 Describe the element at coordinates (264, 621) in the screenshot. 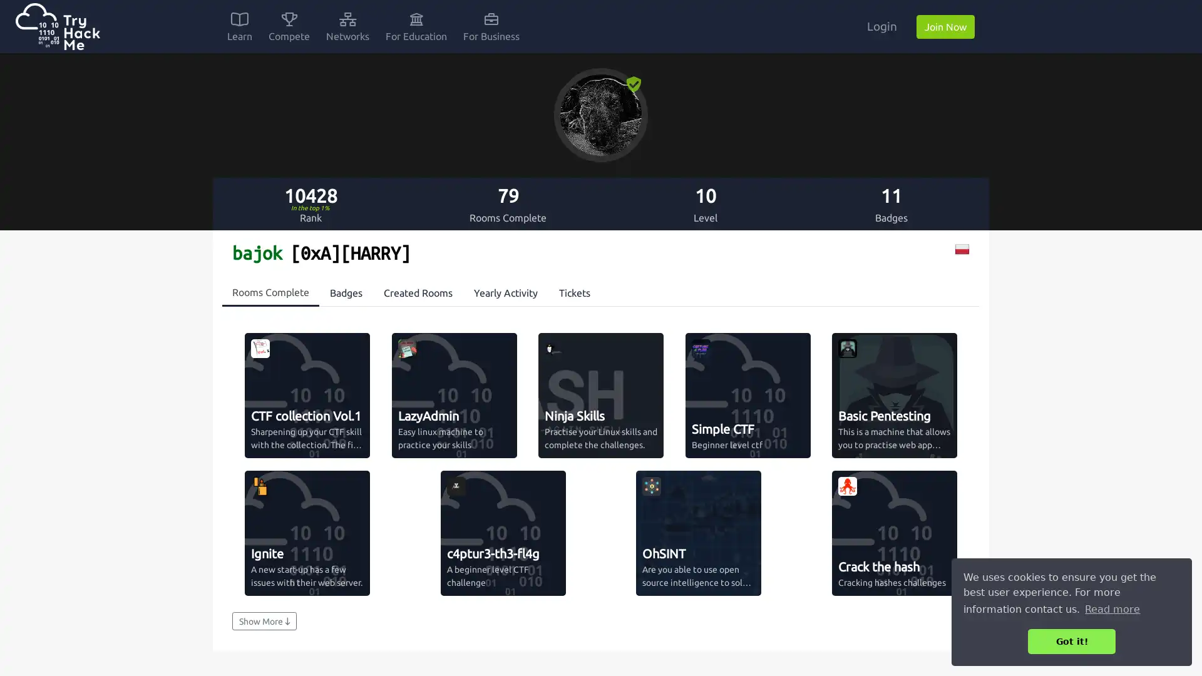

I see `Show More` at that location.